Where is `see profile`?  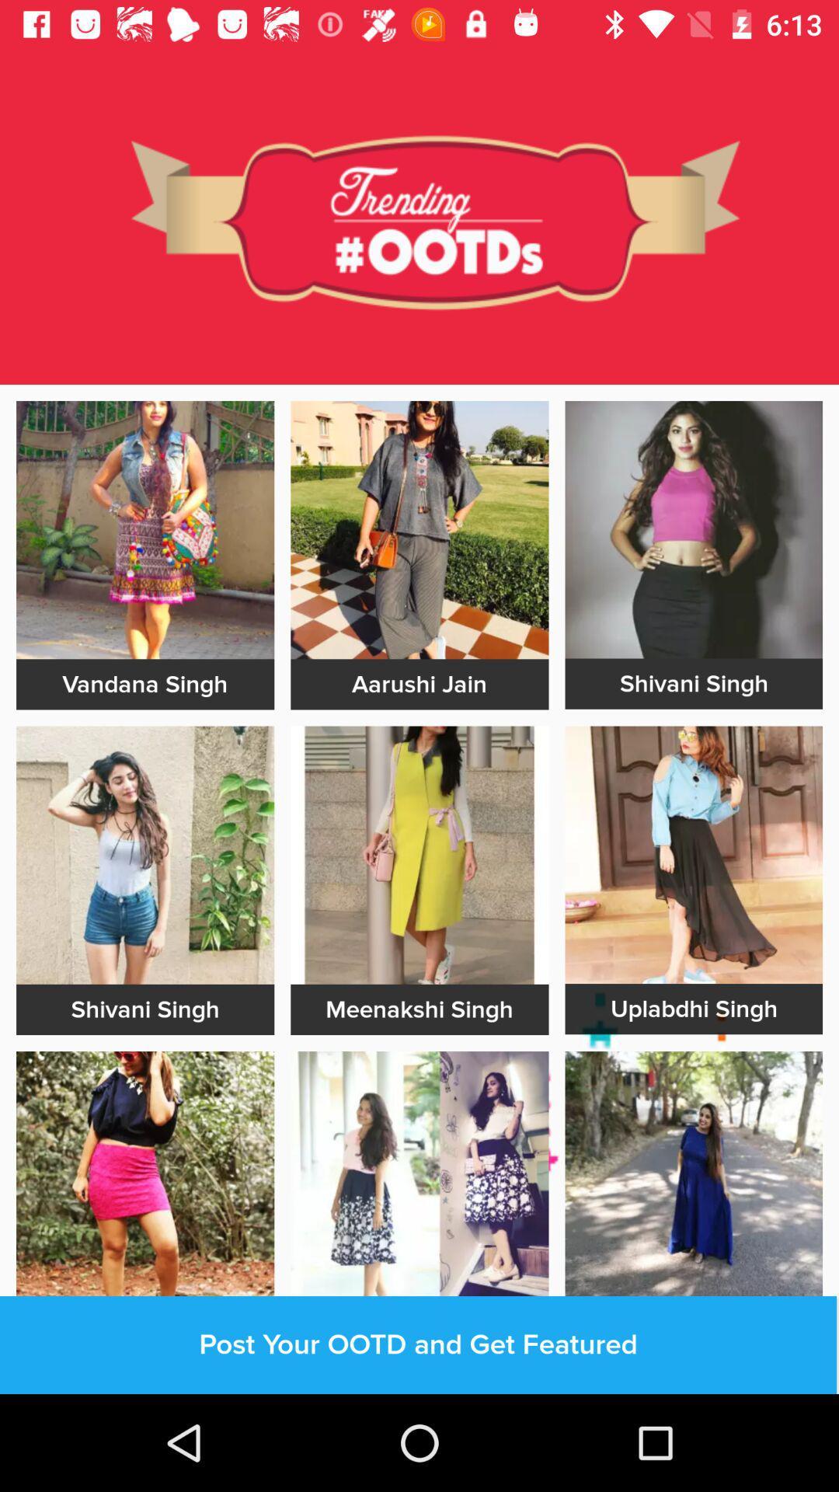
see profile is located at coordinates (693, 529).